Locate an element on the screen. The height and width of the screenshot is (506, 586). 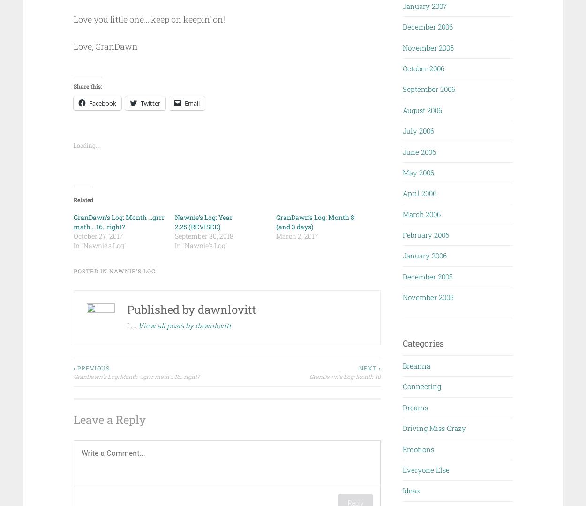
'February 2006' is located at coordinates (426, 234).